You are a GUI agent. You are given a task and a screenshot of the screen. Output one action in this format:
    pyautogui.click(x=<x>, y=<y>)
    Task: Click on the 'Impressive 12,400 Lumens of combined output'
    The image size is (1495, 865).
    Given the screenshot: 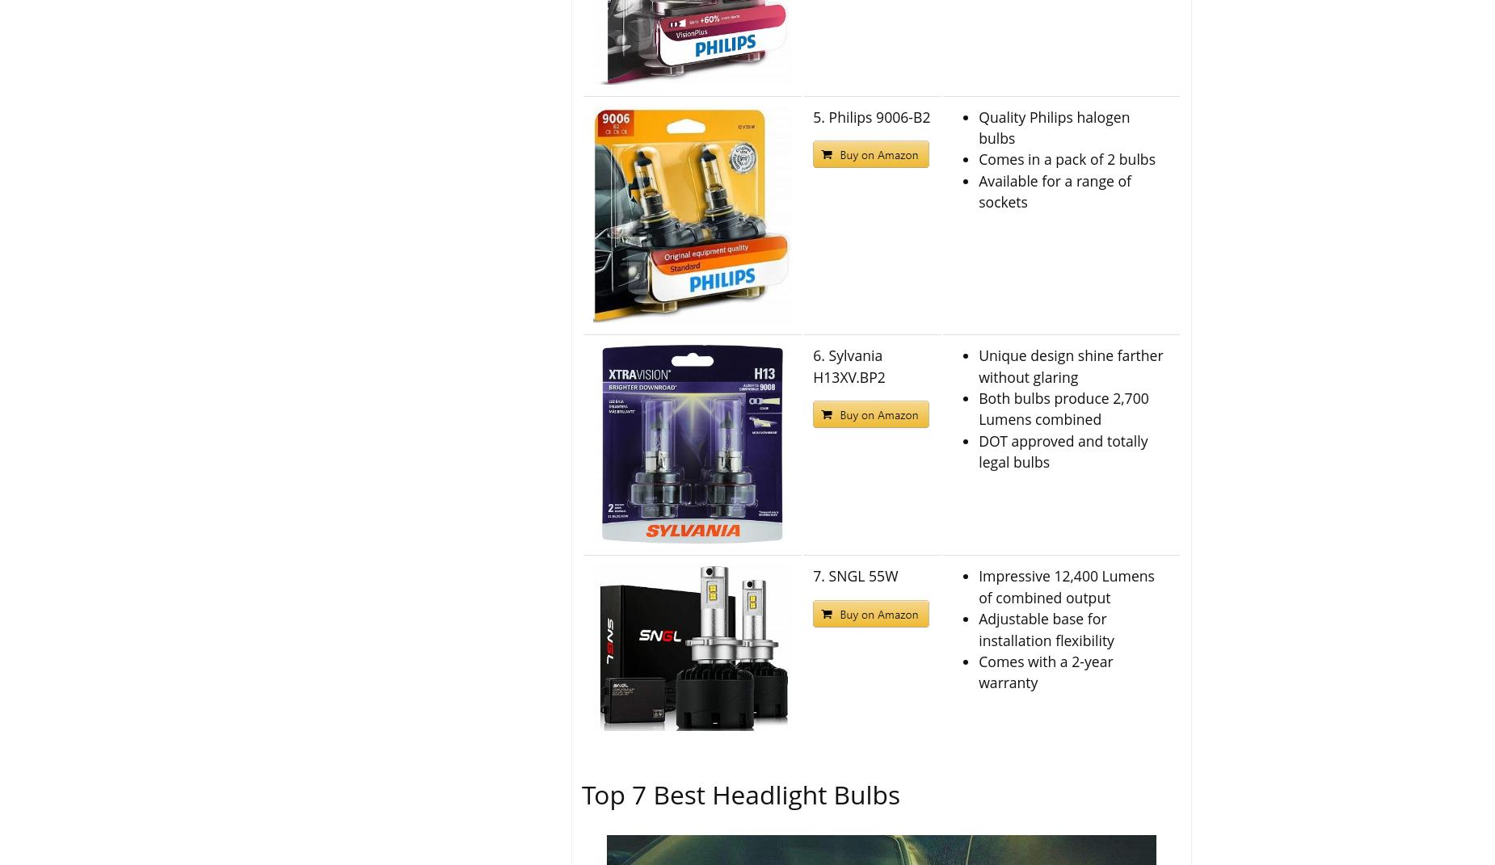 What is the action you would take?
    pyautogui.click(x=1065, y=586)
    